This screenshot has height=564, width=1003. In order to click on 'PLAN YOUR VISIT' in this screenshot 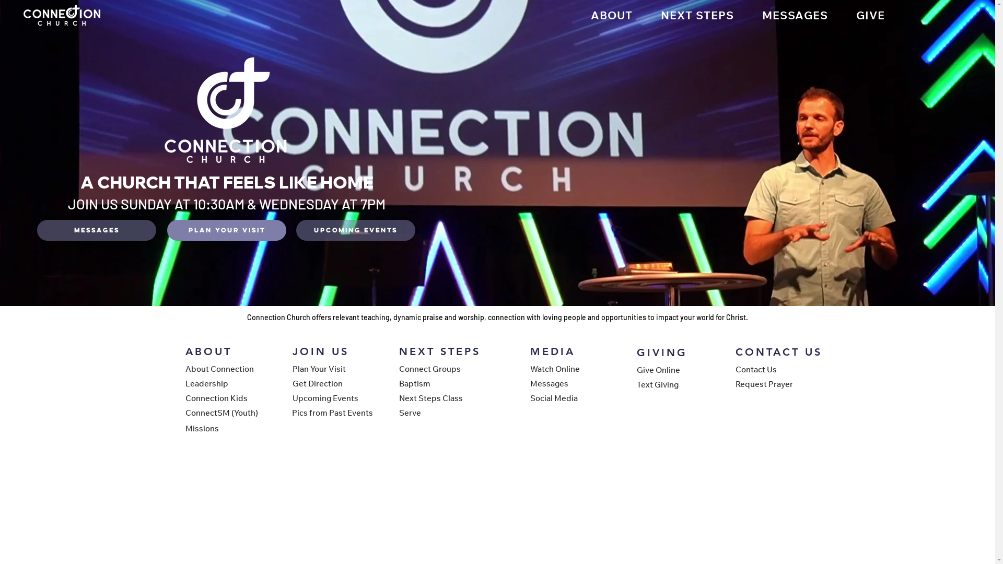, I will do `click(226, 229)`.